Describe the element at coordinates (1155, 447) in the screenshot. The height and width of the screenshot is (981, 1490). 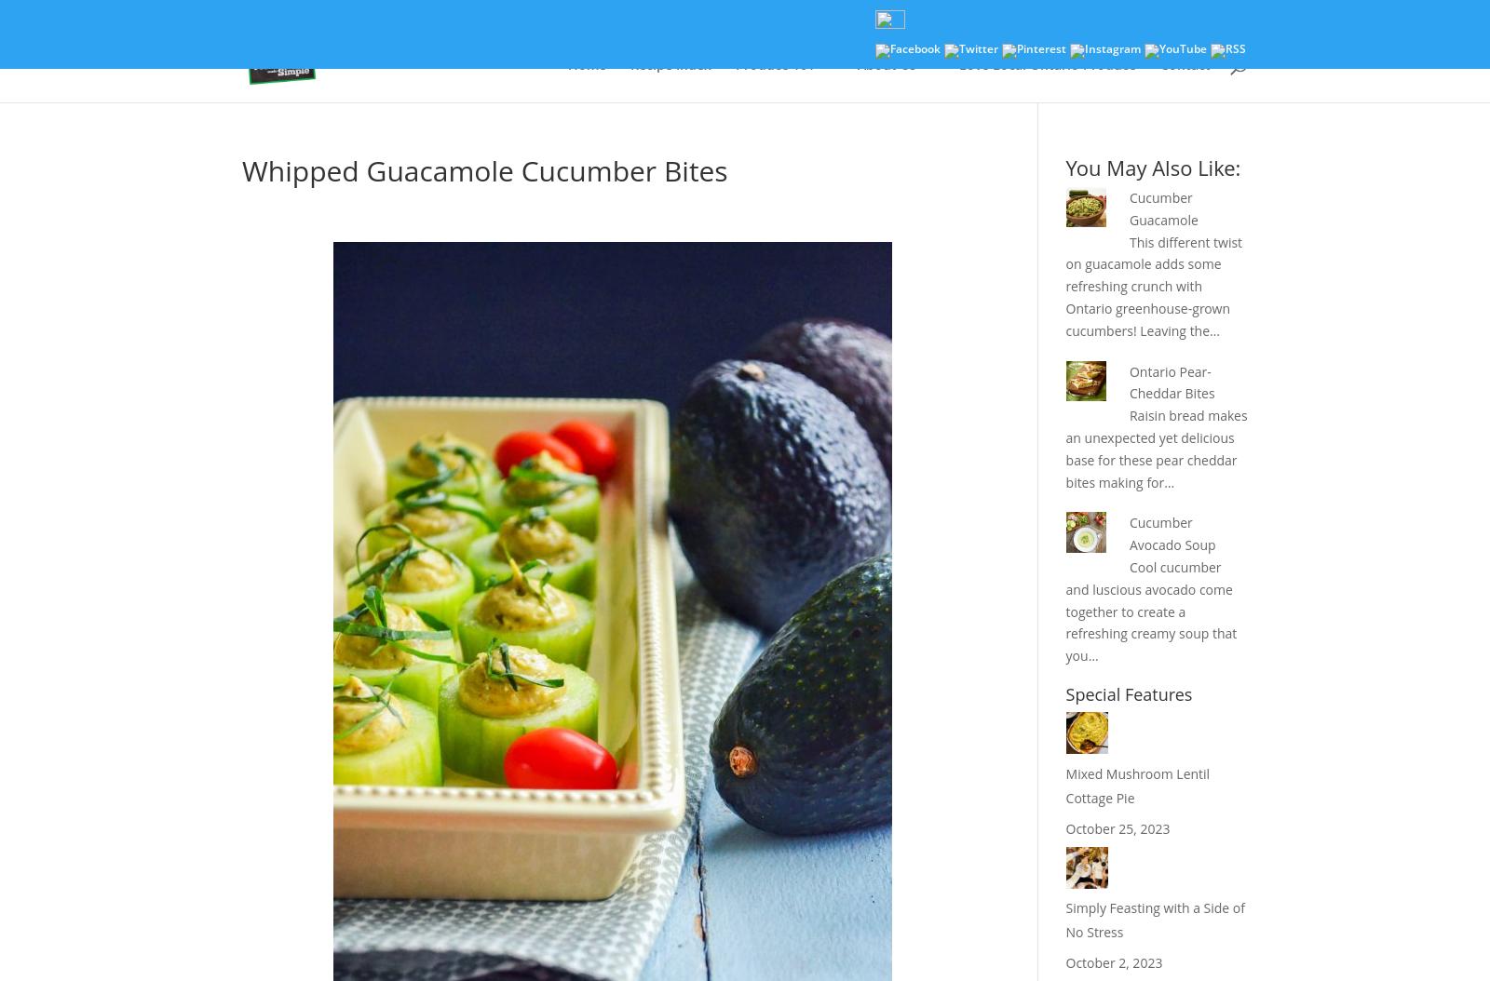
I see `'Raisin bread makes an unexpected yet delicious base for these pear cheddar bites making for…'` at that location.